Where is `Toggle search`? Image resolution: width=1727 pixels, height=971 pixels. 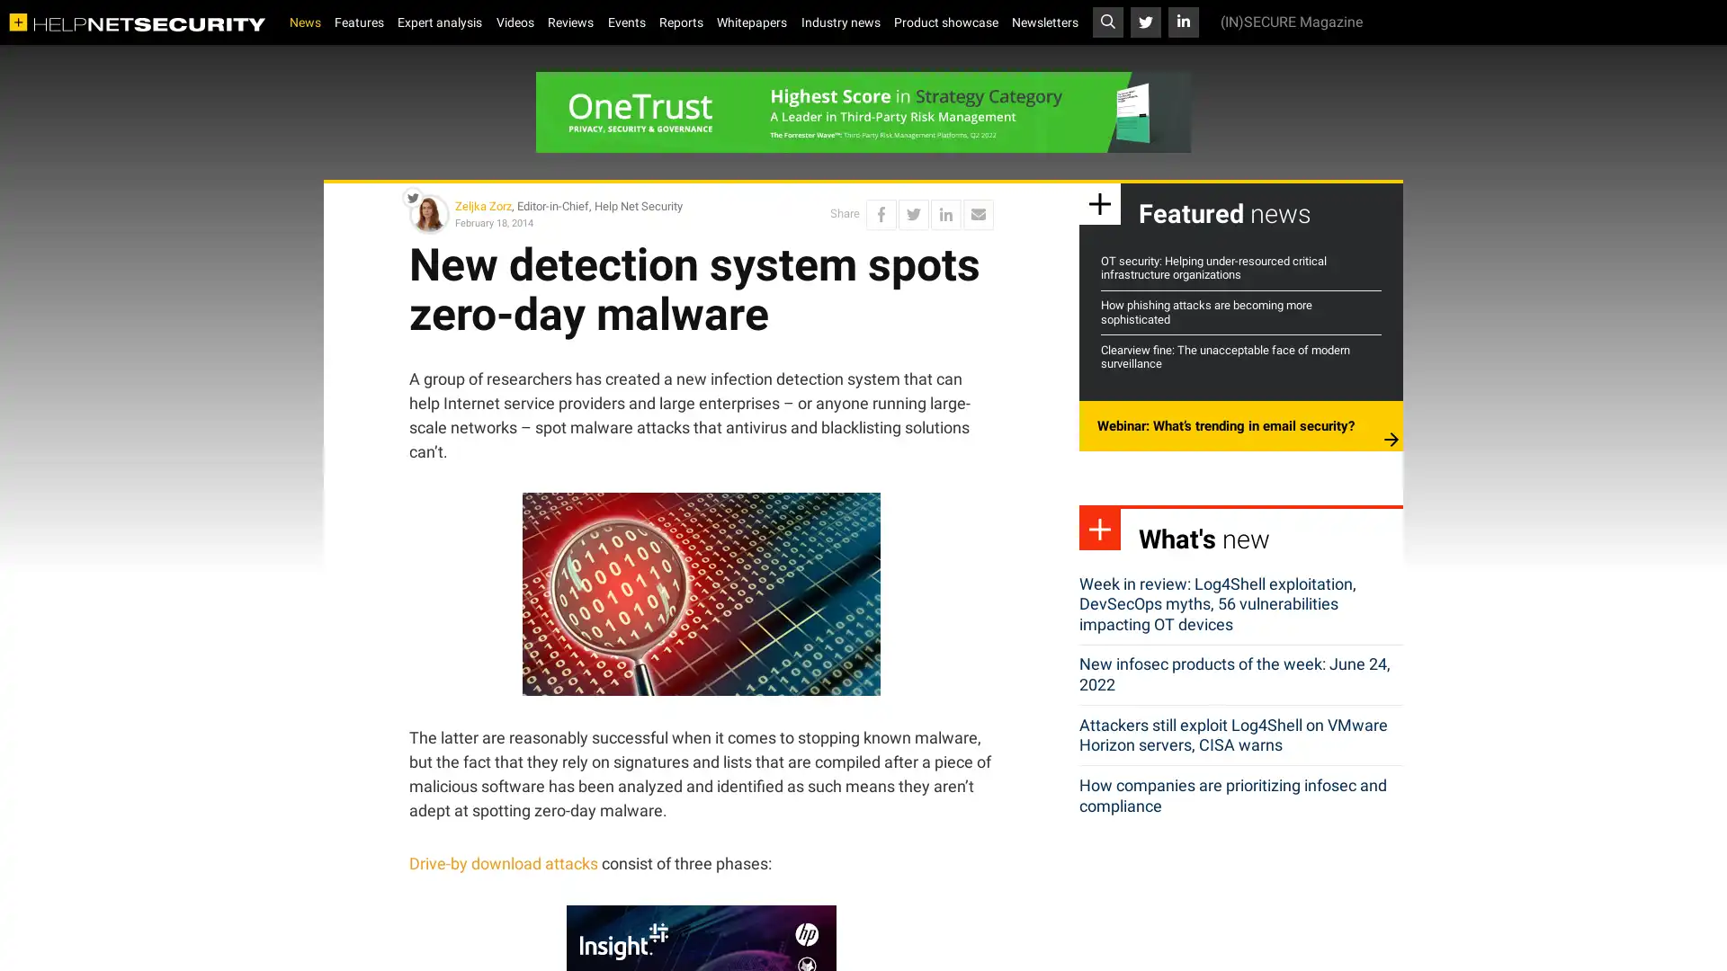
Toggle search is located at coordinates (1107, 22).